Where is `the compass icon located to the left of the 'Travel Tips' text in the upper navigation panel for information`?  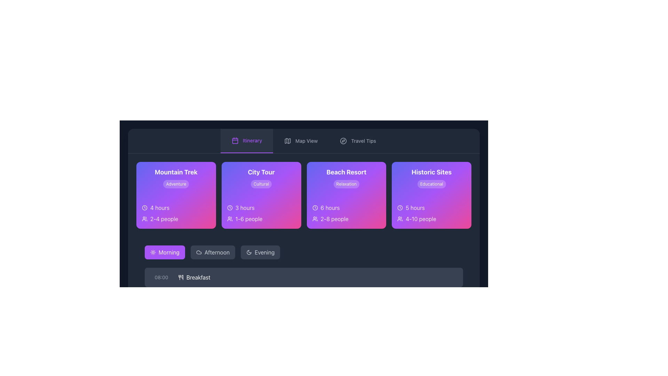 the compass icon located to the left of the 'Travel Tips' text in the upper navigation panel for information is located at coordinates (343, 141).